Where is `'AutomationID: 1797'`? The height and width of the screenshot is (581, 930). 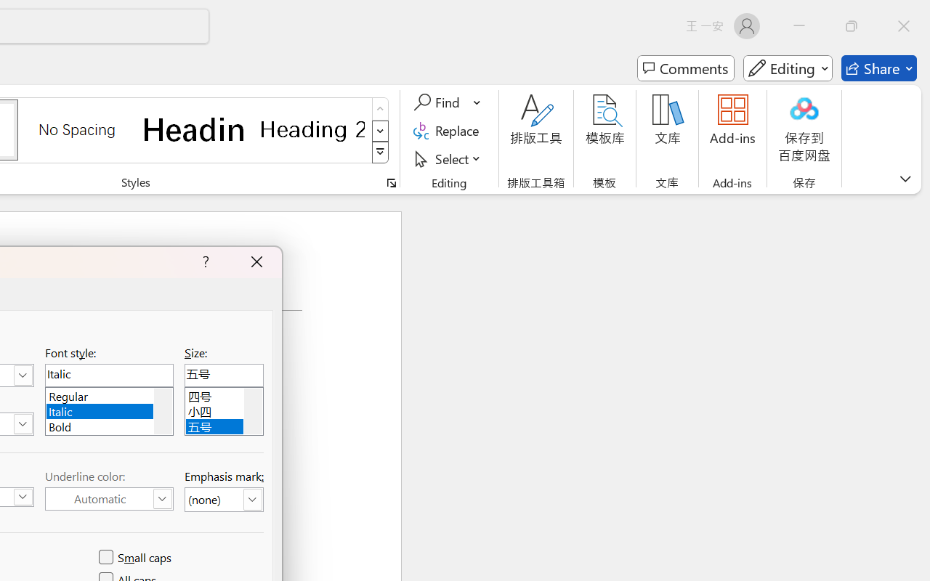
'AutomationID: 1797' is located at coordinates (253, 411).